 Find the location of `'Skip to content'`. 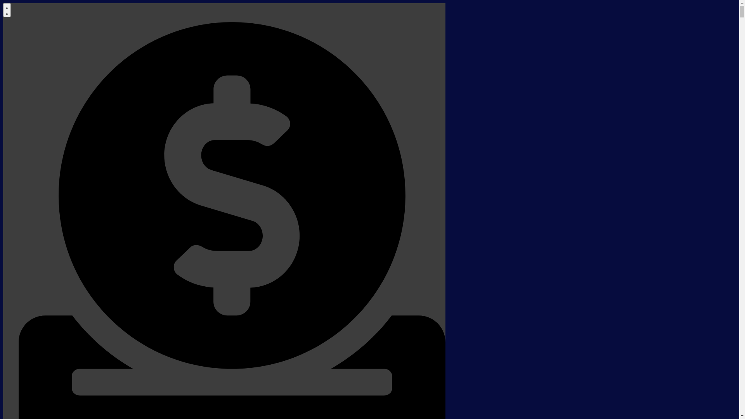

'Skip to content' is located at coordinates (3, 3).